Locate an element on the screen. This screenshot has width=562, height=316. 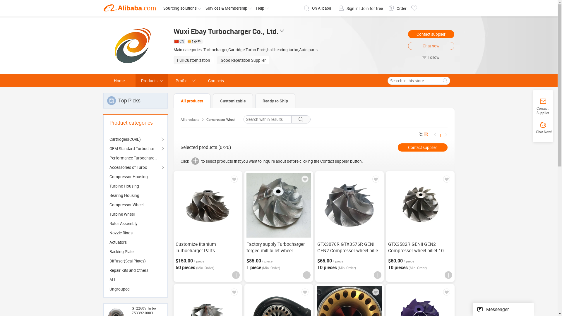
'Home' is located at coordinates (119, 81).